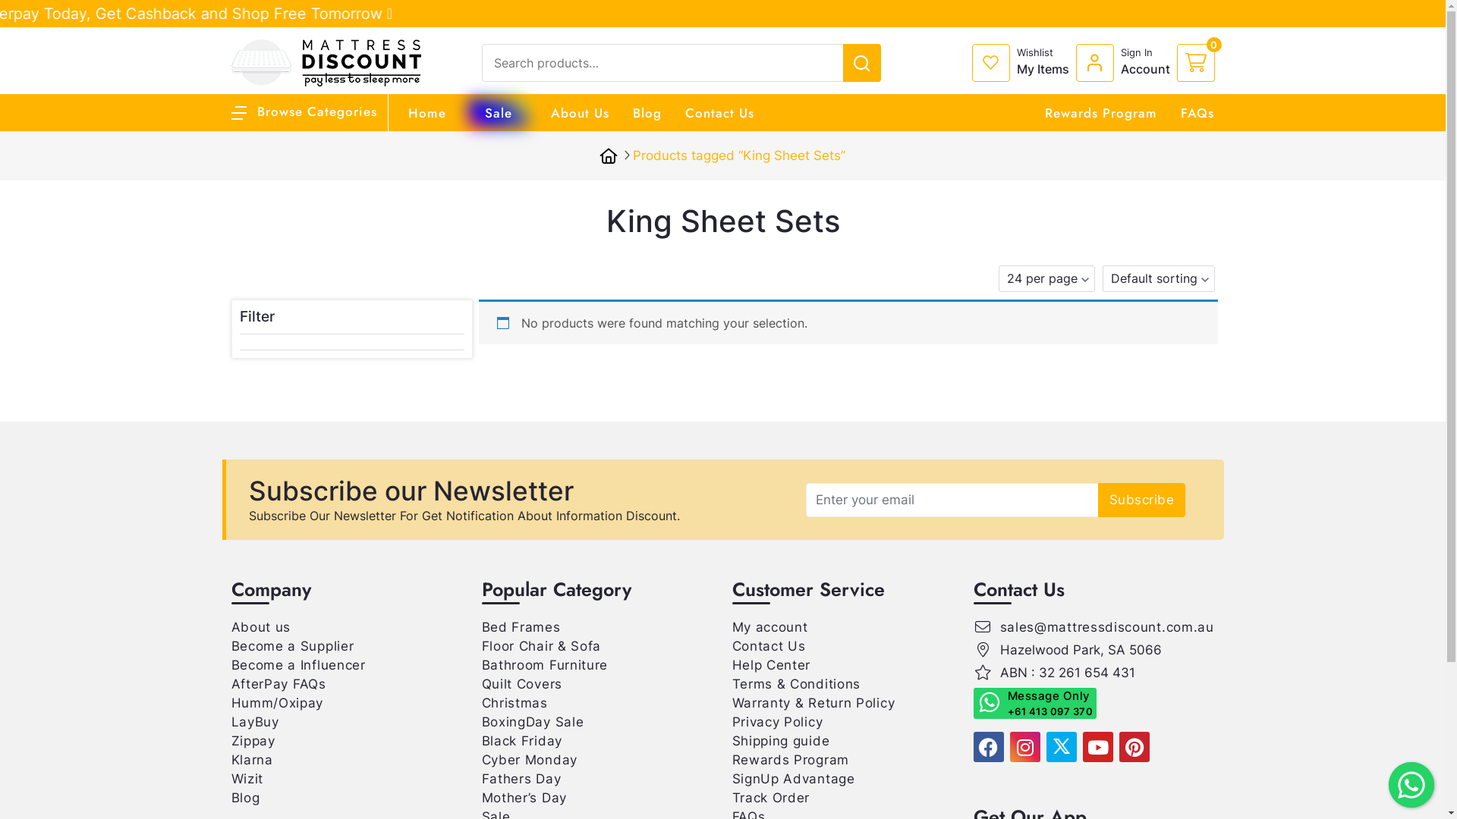  What do you see at coordinates (776, 721) in the screenshot?
I see `'Privacy Policy'` at bounding box center [776, 721].